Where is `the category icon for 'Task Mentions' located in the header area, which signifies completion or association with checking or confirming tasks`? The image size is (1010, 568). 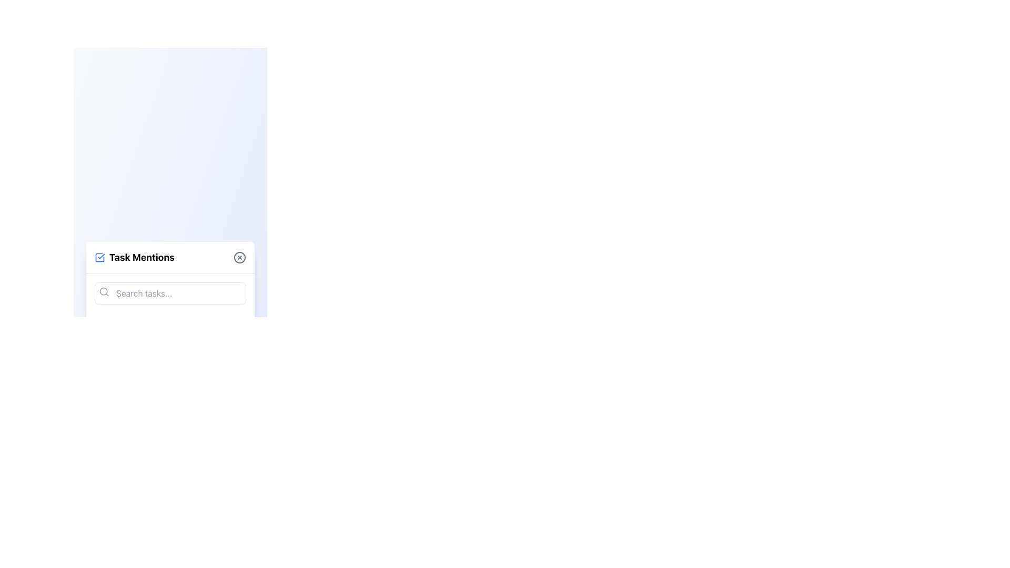 the category icon for 'Task Mentions' located in the header area, which signifies completion or association with checking or confirming tasks is located at coordinates (100, 257).